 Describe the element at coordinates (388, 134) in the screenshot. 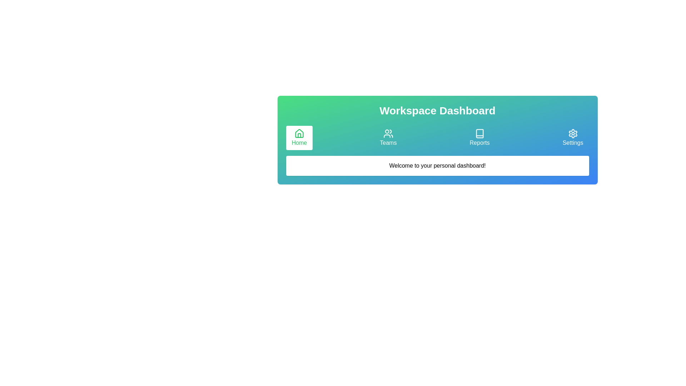

I see `the 'Teams' icon located in the navigation bar, which is the second item from the left, positioned between 'Home' and 'Reports'` at that location.